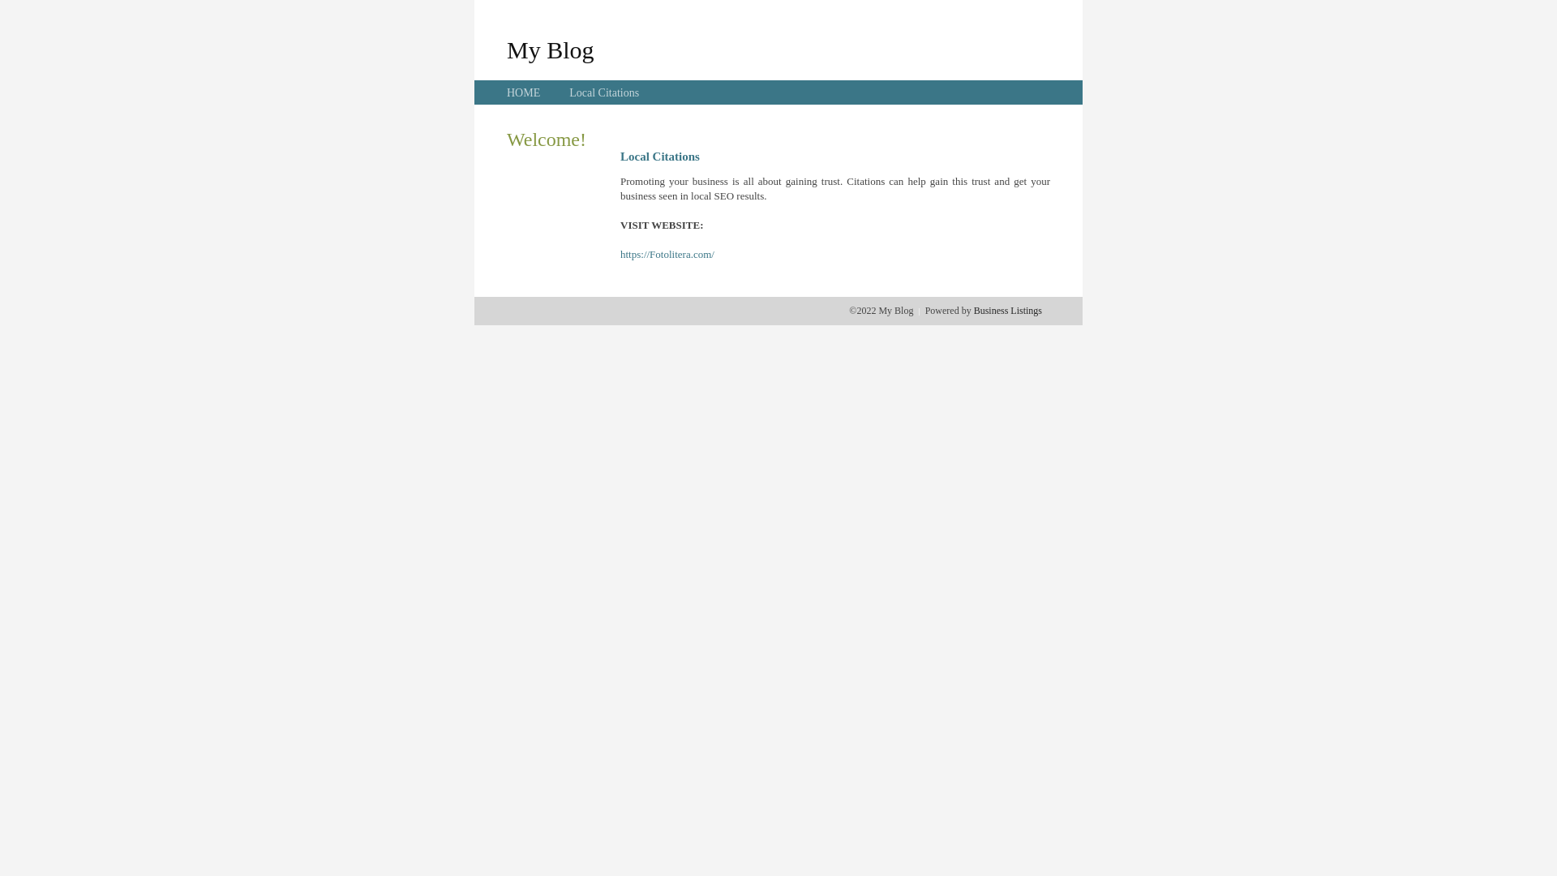 The height and width of the screenshot is (876, 1557). I want to click on 'HOME', so click(523, 92).